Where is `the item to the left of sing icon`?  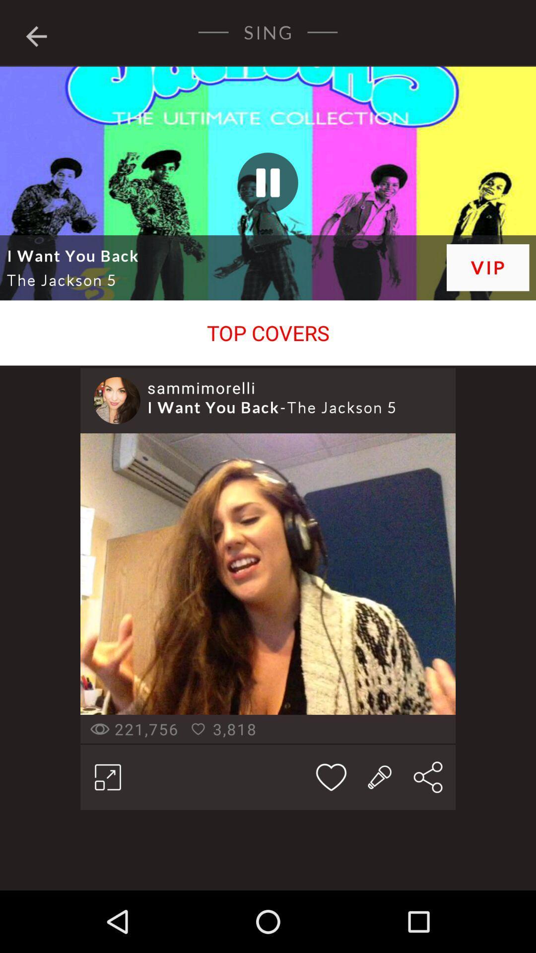
the item to the left of sing icon is located at coordinates (36, 34).